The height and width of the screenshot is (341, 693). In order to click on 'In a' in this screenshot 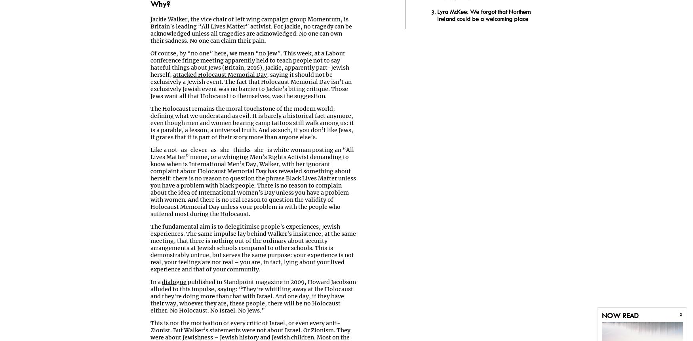, I will do `click(156, 281)`.